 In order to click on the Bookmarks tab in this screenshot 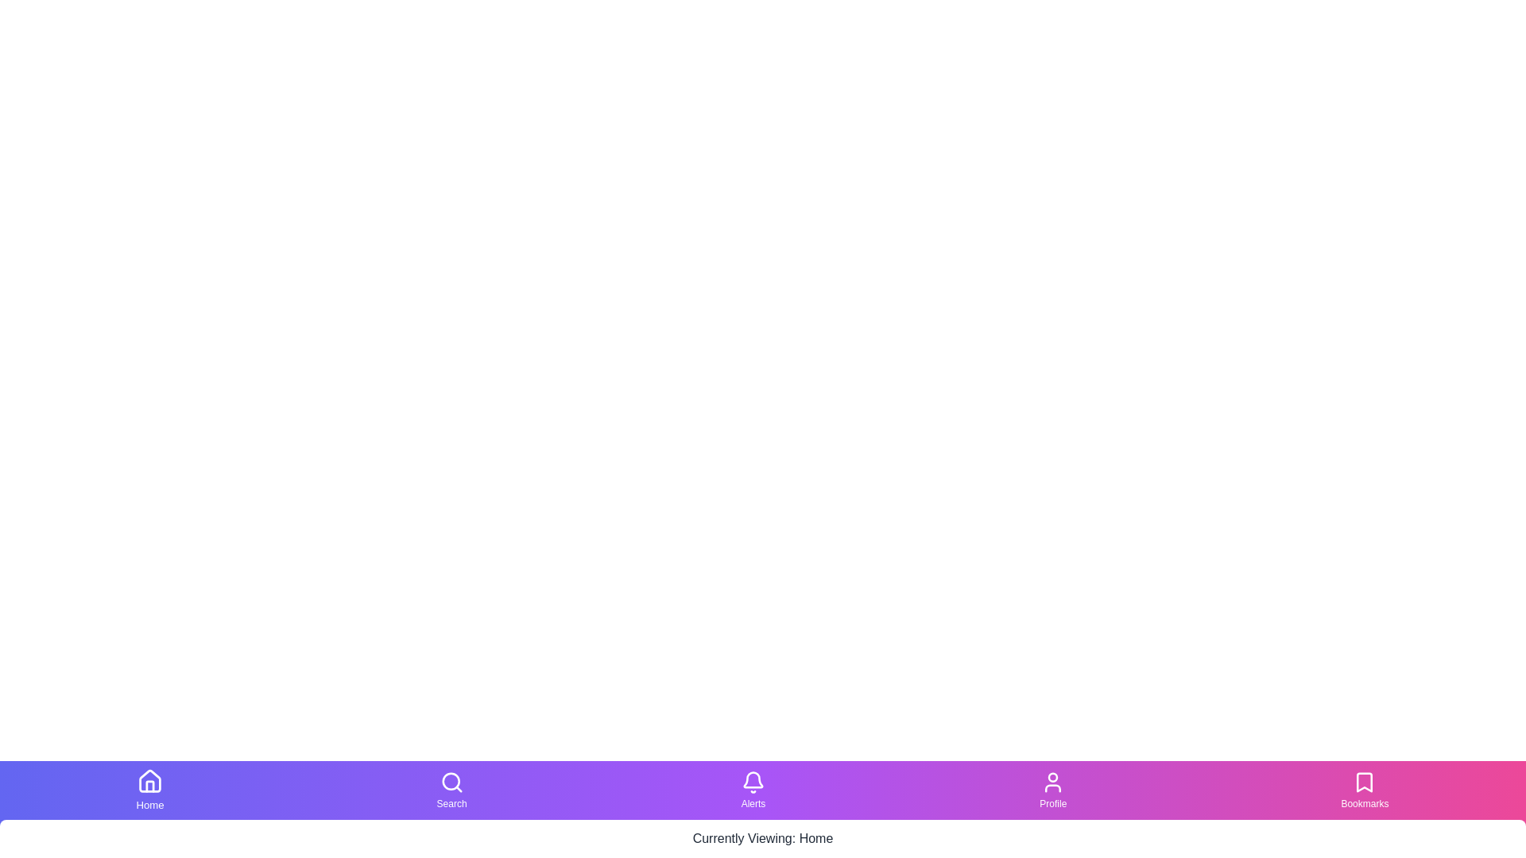, I will do `click(1364, 790)`.